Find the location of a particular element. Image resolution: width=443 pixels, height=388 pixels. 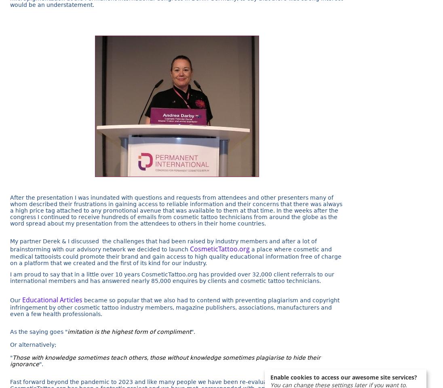

'"' is located at coordinates (11, 356).